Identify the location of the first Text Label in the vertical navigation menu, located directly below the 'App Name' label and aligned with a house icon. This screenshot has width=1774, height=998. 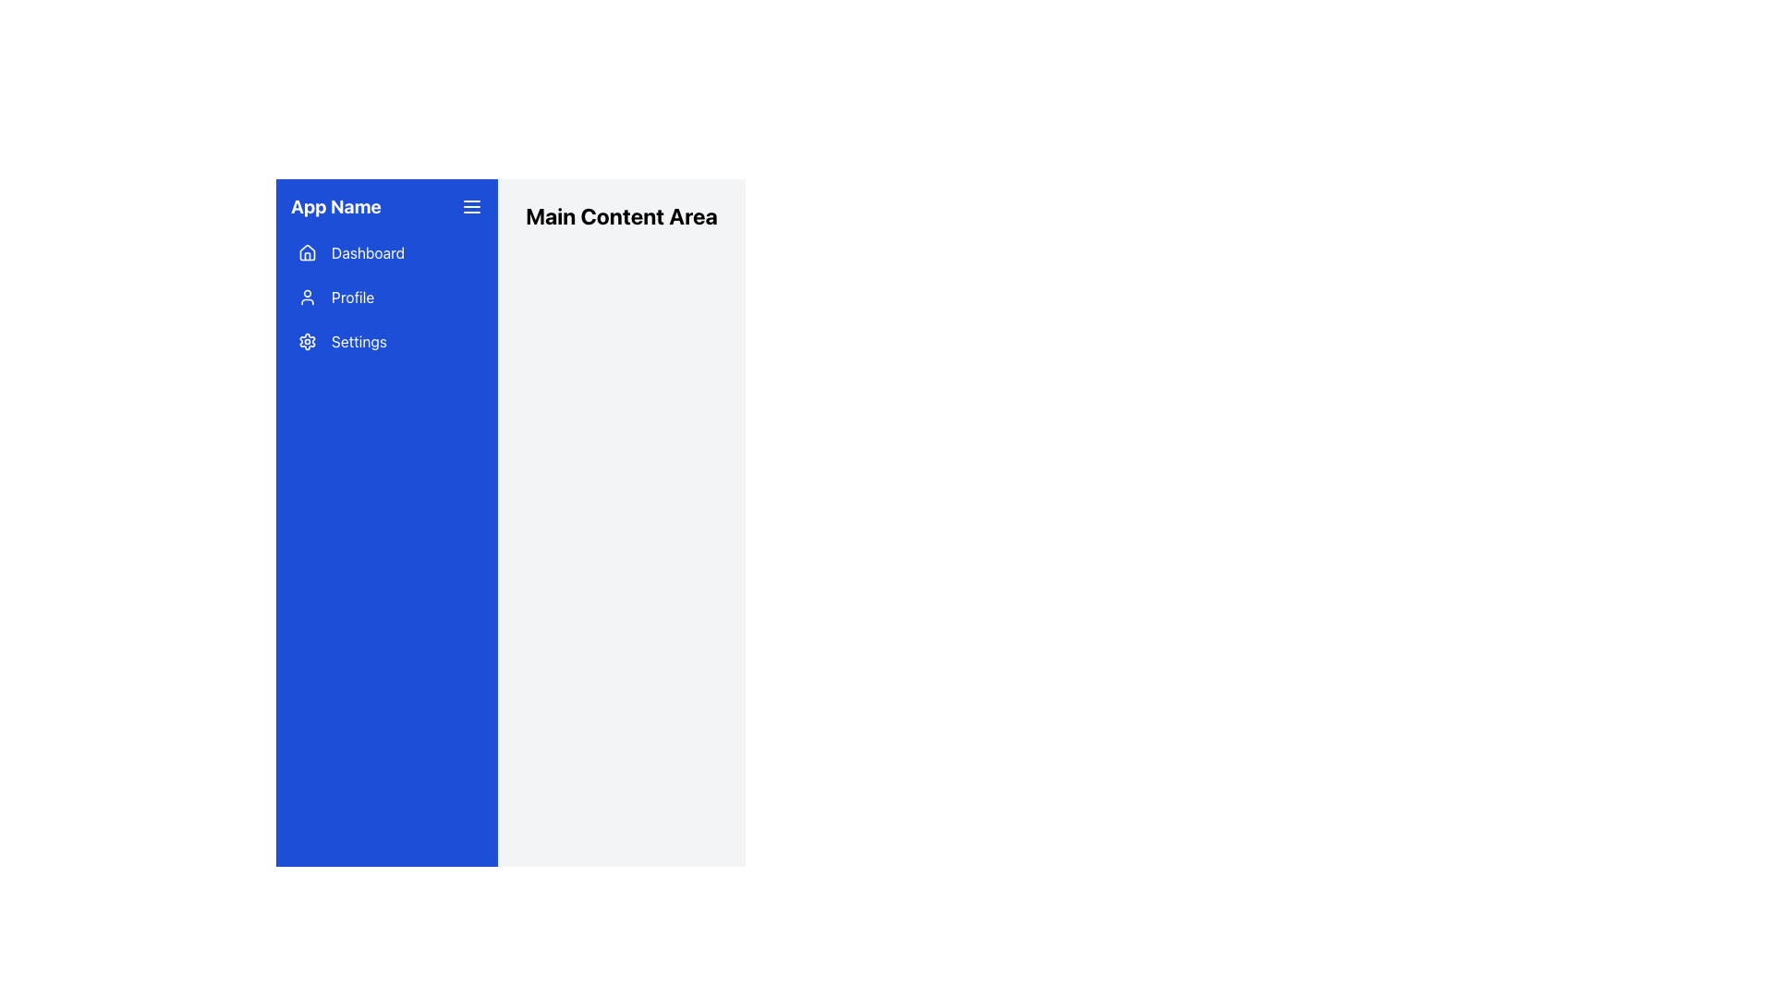
(368, 252).